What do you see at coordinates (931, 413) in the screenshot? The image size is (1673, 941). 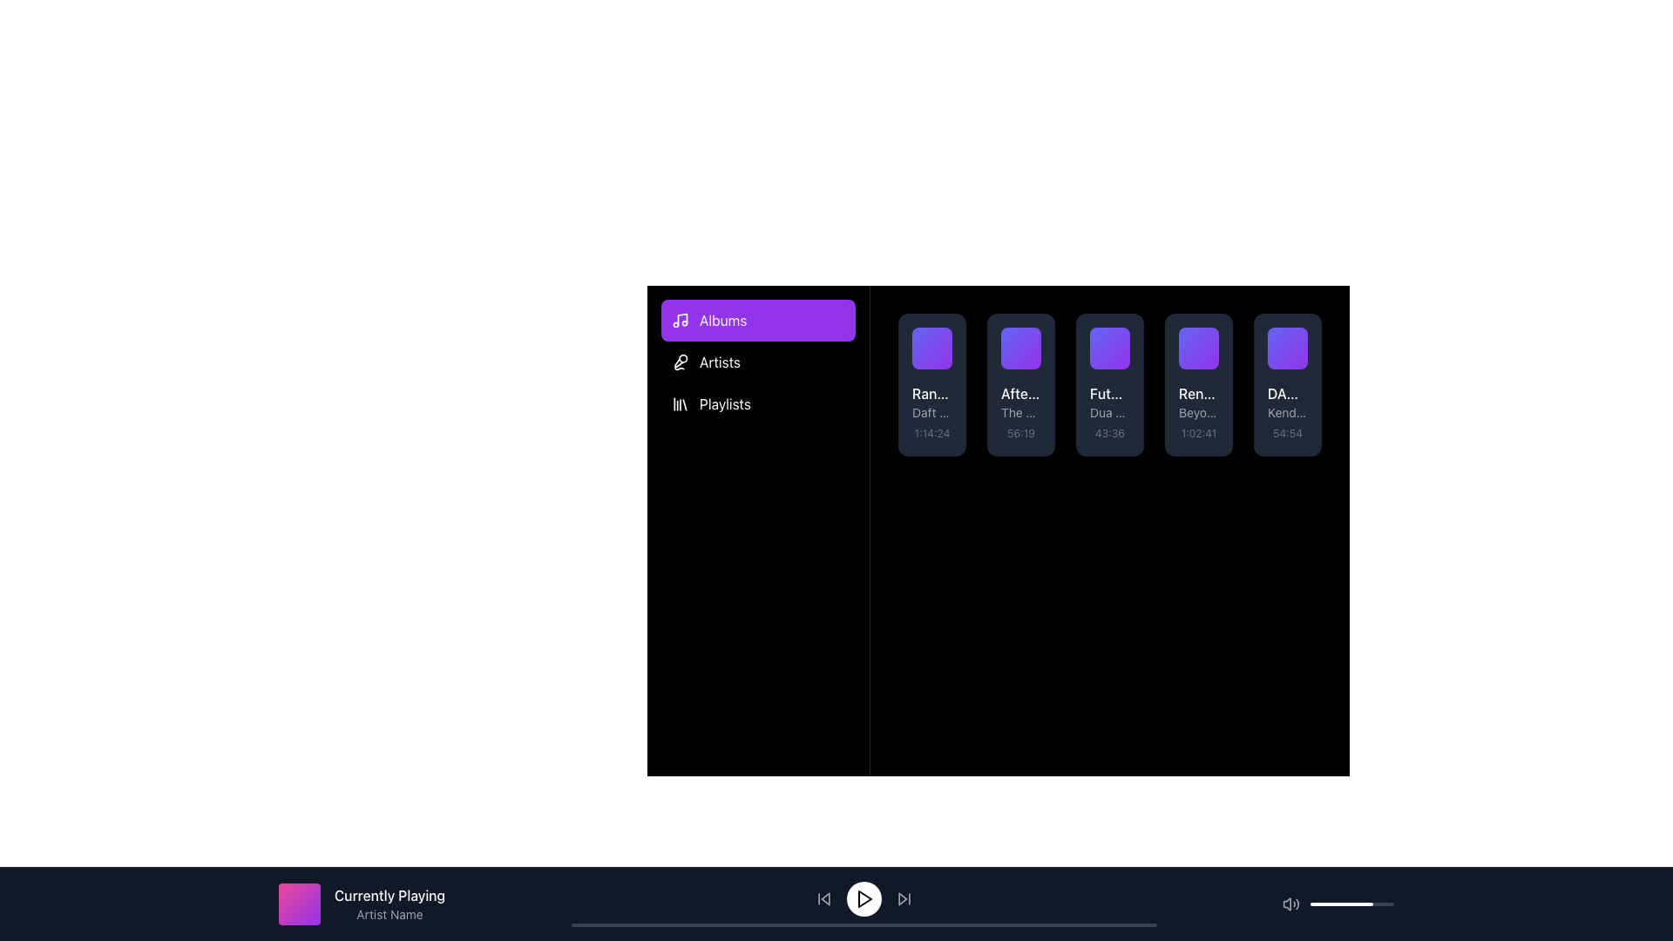 I see `the static text label displaying 'Daft Punk', which is positioned beneath the title 'Random Access Memories' within a dark-themed UI card` at bounding box center [931, 413].